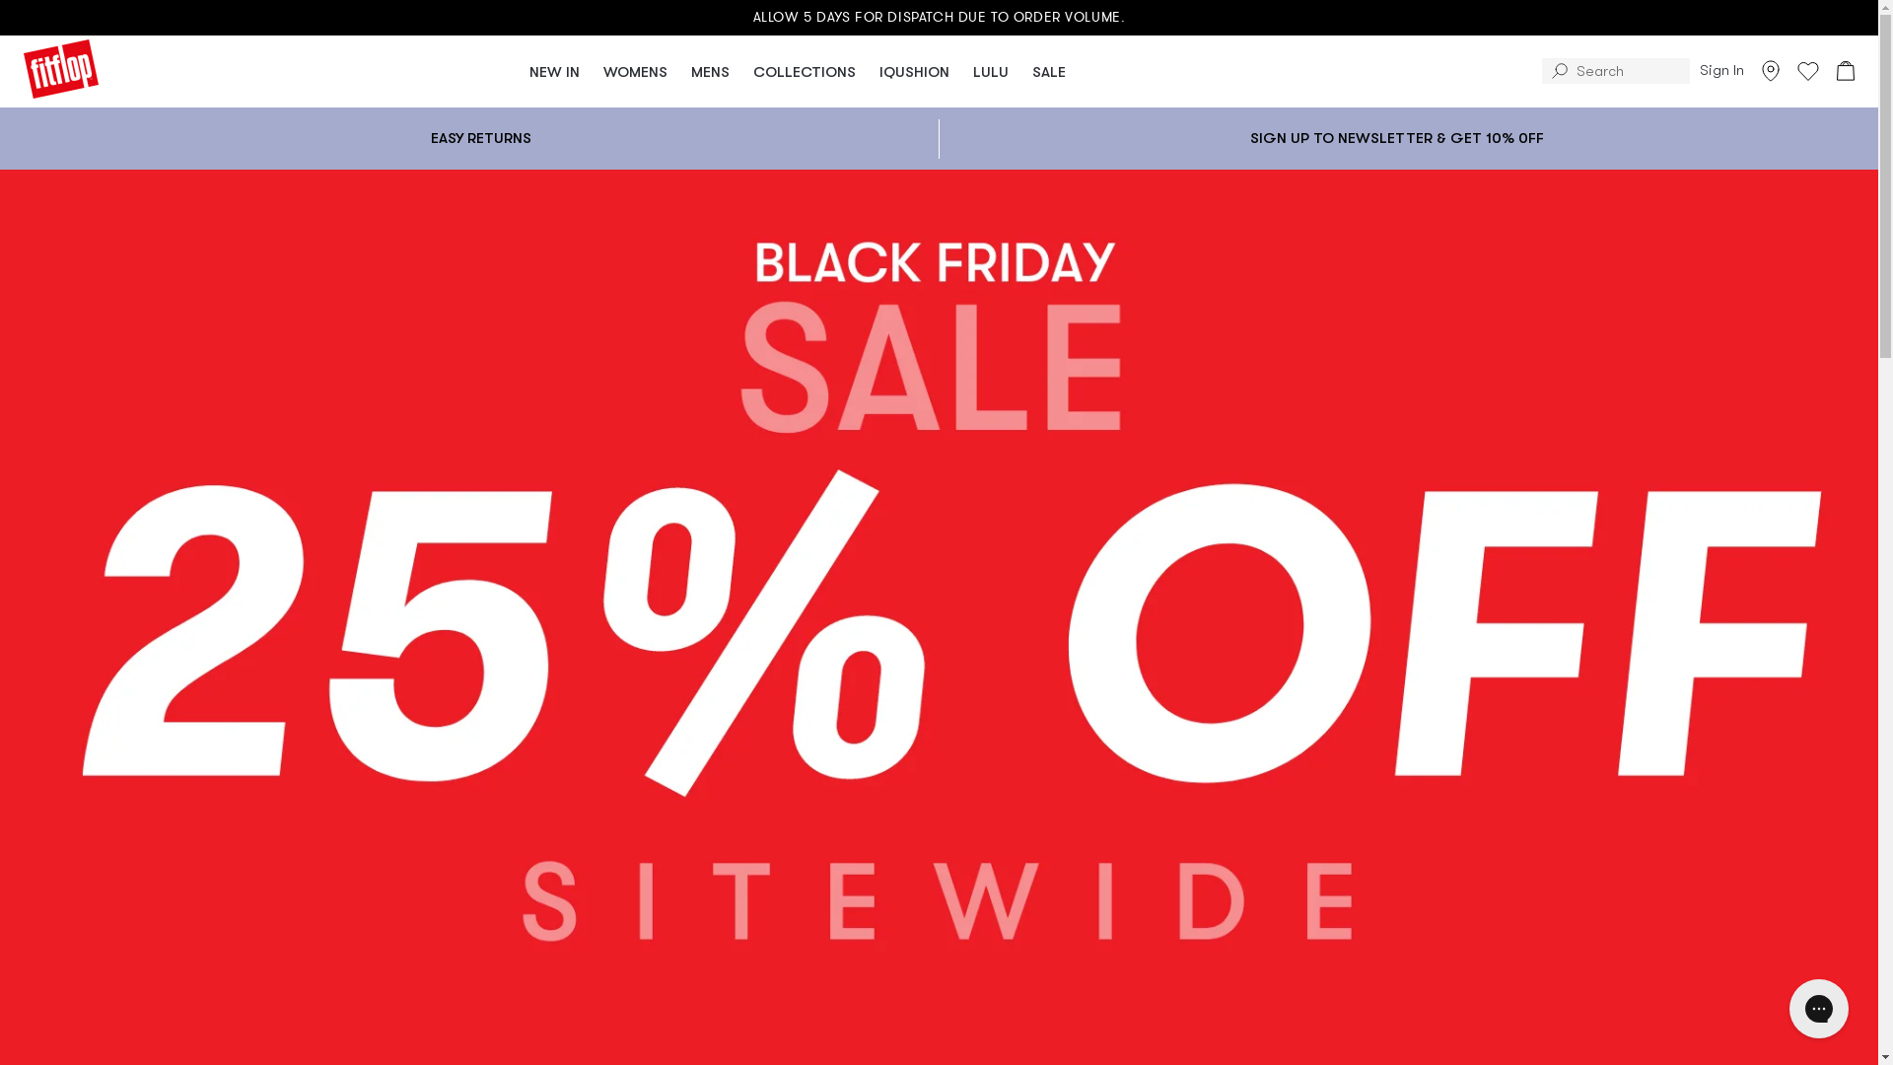  I want to click on 'SIGN UP TO NEWSLETTER & GET 10% 0FF', so click(1395, 137).